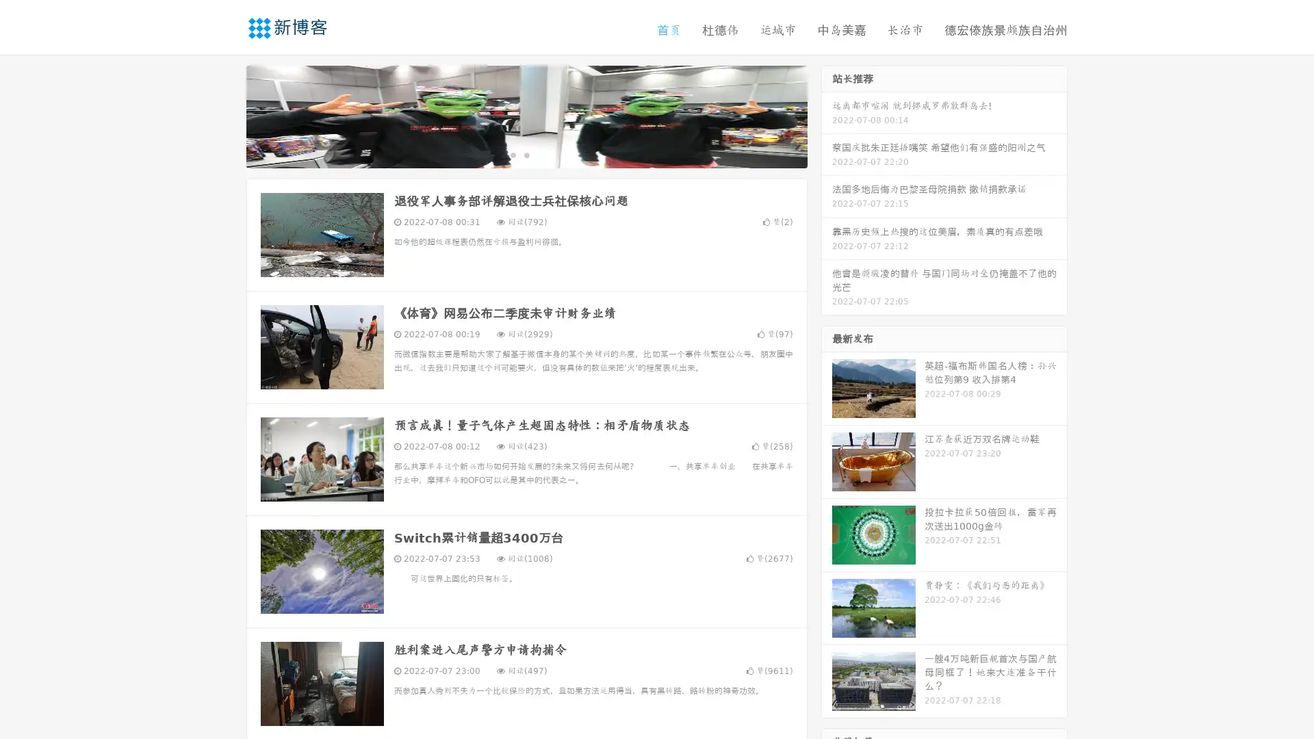  I want to click on Go to slide 3, so click(540, 154).